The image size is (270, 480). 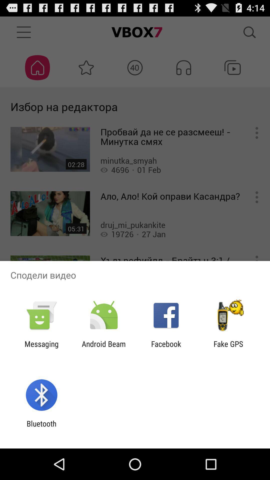 What do you see at coordinates (41, 348) in the screenshot?
I see `icon next to android beam item` at bounding box center [41, 348].